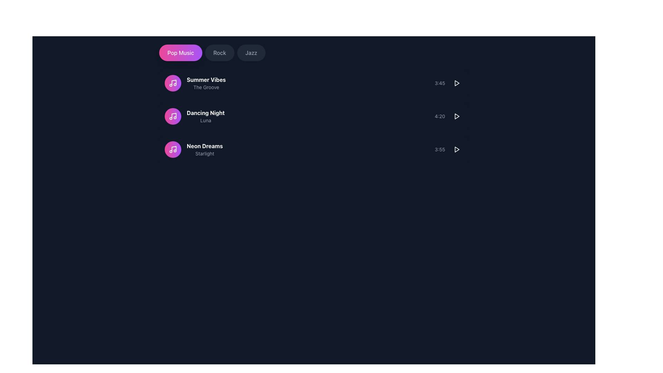 This screenshot has width=663, height=373. What do you see at coordinates (219, 52) in the screenshot?
I see `the 'Rock' button, which is a rounded rectangular button with a dark gray background and light gray text, to change its background color` at bounding box center [219, 52].